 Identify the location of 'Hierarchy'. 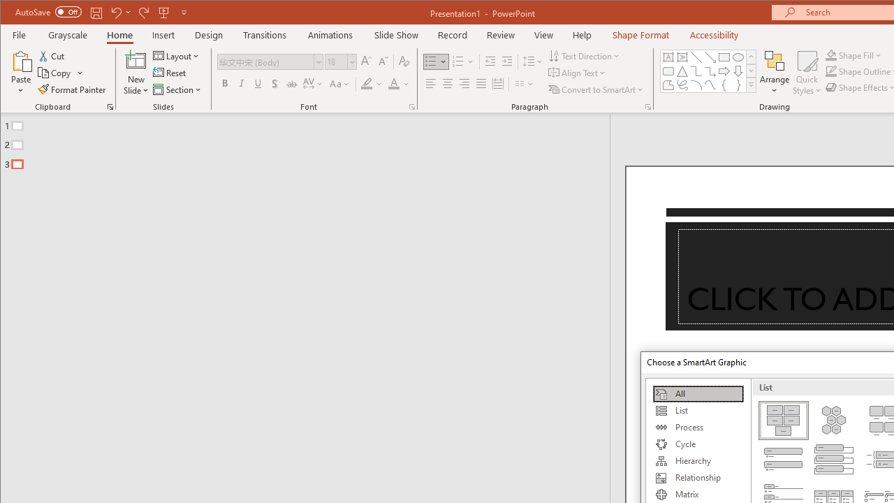
(698, 460).